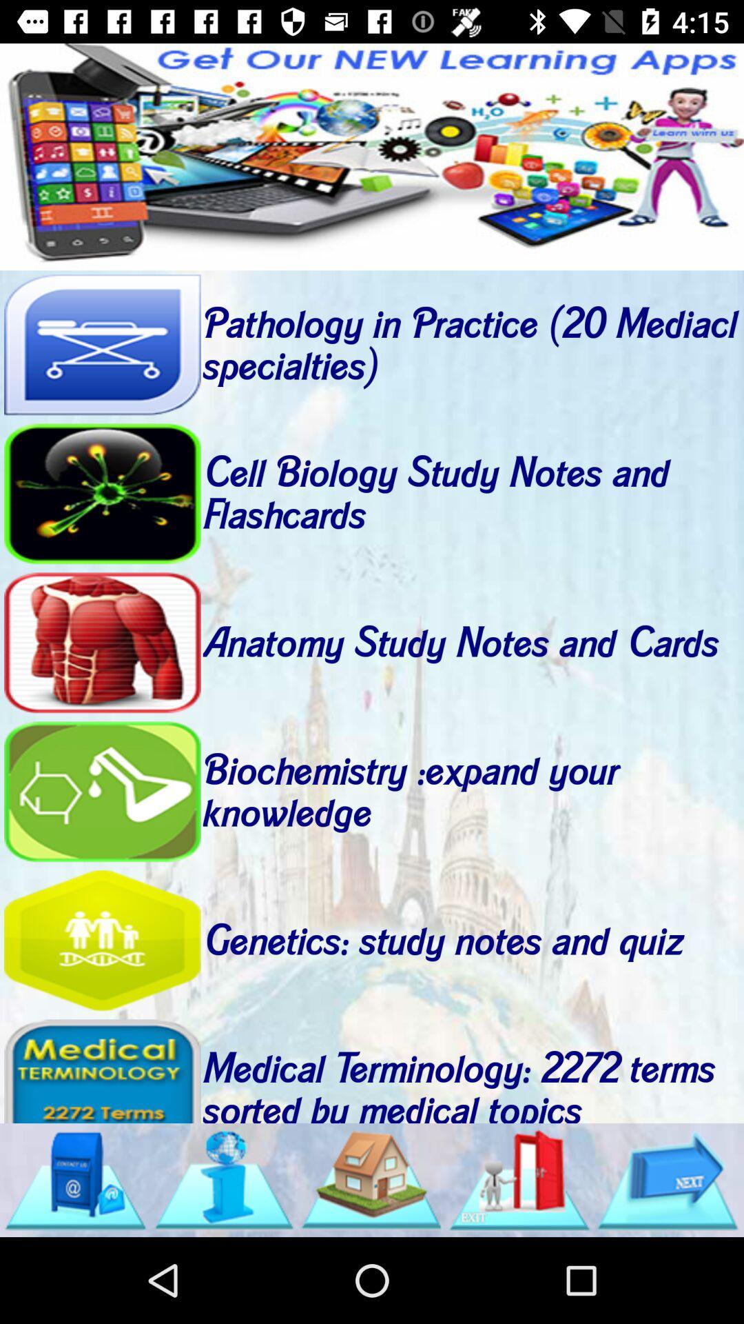 This screenshot has width=744, height=1324. I want to click on study anatomy notes and cards, so click(101, 642).